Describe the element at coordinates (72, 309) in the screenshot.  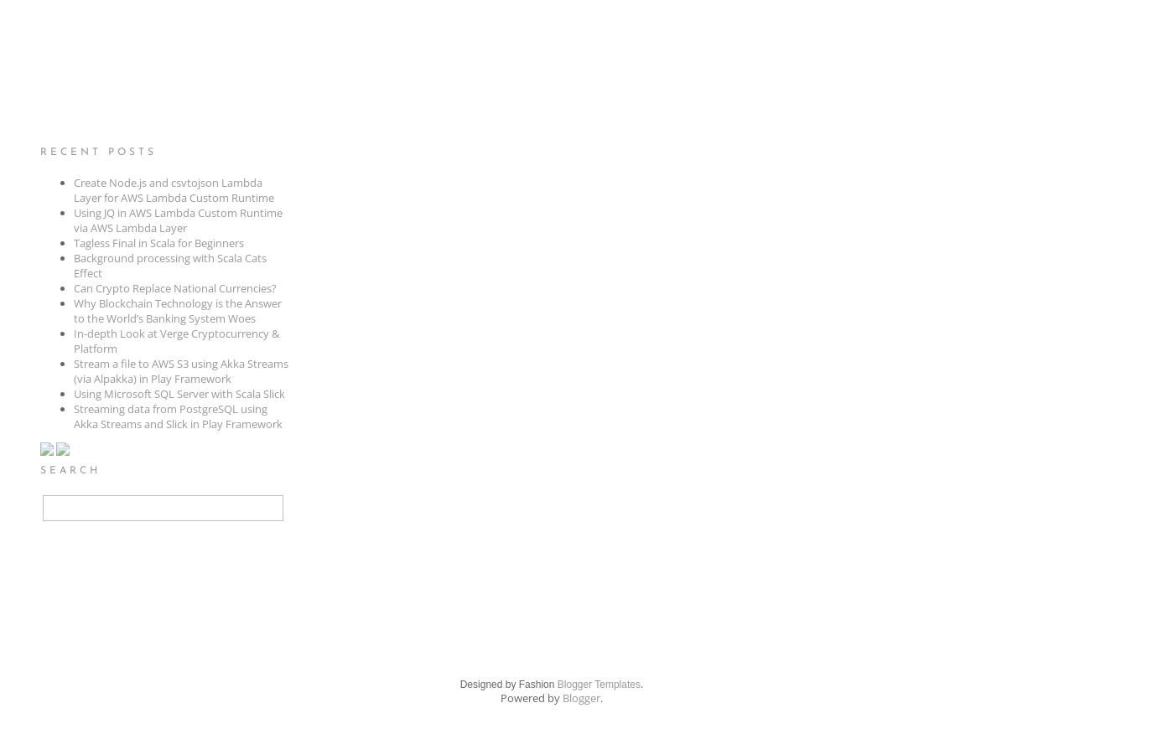
I see `'Why Blockchain Technology is the Answer to the World’s Banking System Woes'` at that location.